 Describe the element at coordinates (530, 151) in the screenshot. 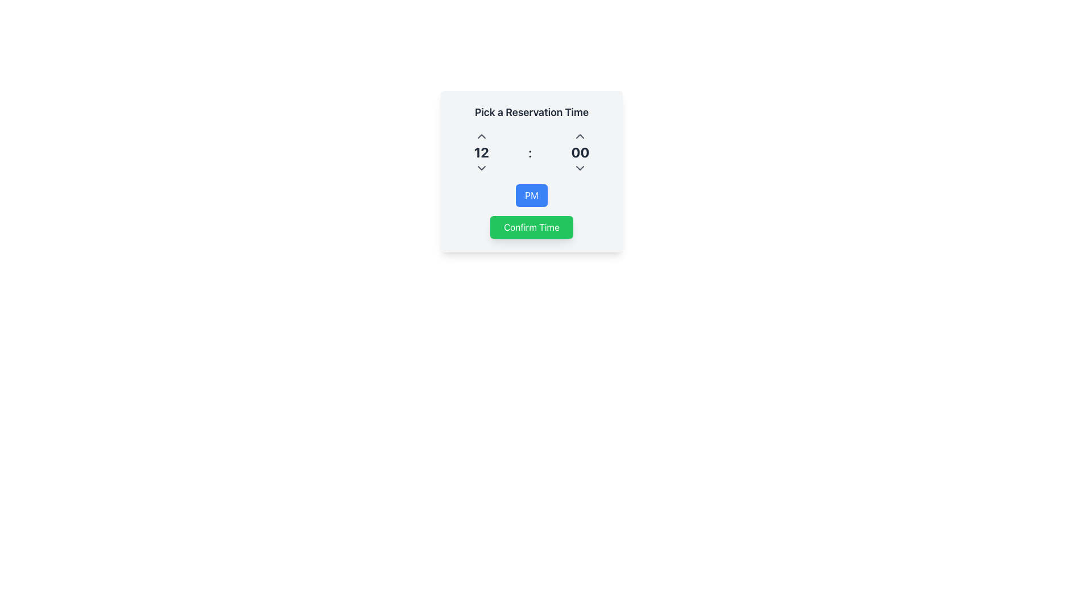

I see `the colon (:) symbol, which is displayed in a 2xl font size with a semibold weight and colored gray-800, located centrally between the numbers 12 and 00 in the time selection interface` at that location.